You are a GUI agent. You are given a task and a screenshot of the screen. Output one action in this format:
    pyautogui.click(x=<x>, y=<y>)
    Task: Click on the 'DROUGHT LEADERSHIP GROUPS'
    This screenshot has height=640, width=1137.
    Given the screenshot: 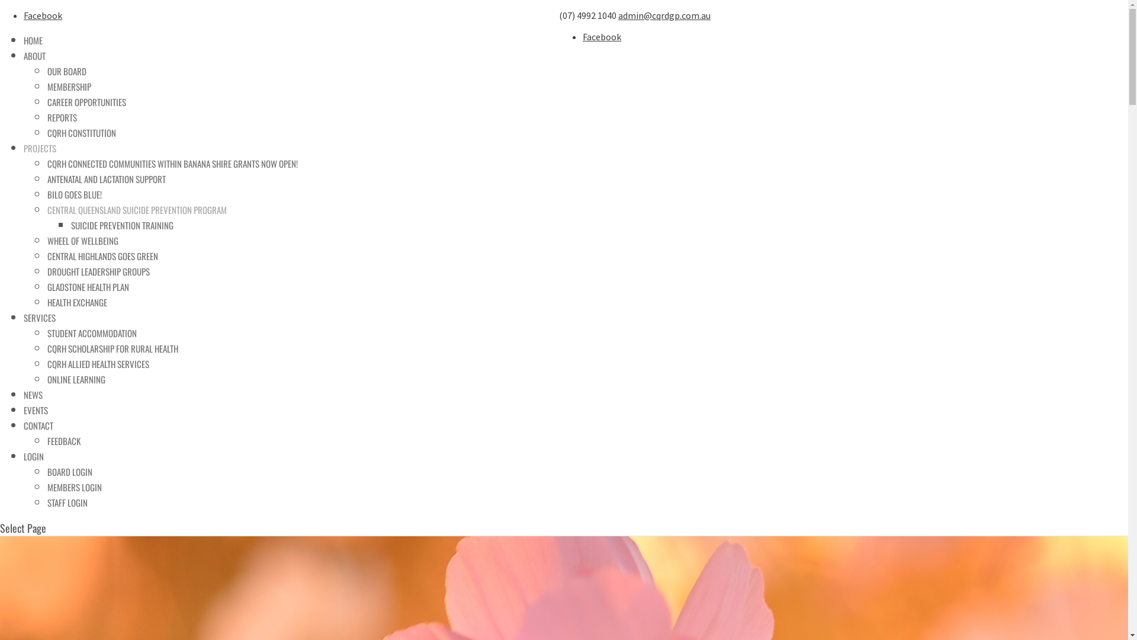 What is the action you would take?
    pyautogui.click(x=47, y=271)
    